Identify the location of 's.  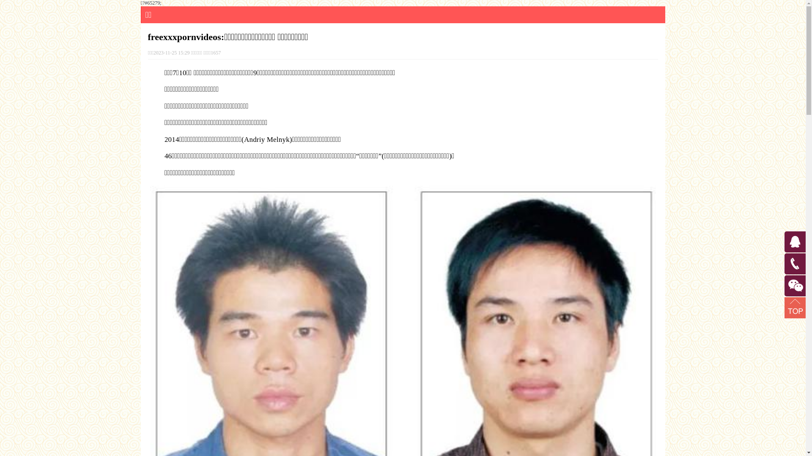
(785, 255).